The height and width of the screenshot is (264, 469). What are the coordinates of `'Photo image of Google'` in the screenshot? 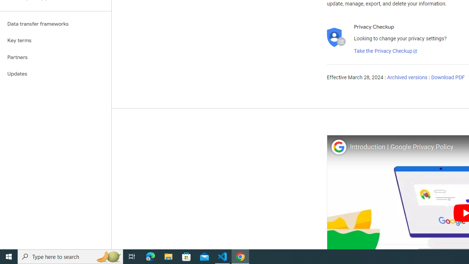 It's located at (338, 147).